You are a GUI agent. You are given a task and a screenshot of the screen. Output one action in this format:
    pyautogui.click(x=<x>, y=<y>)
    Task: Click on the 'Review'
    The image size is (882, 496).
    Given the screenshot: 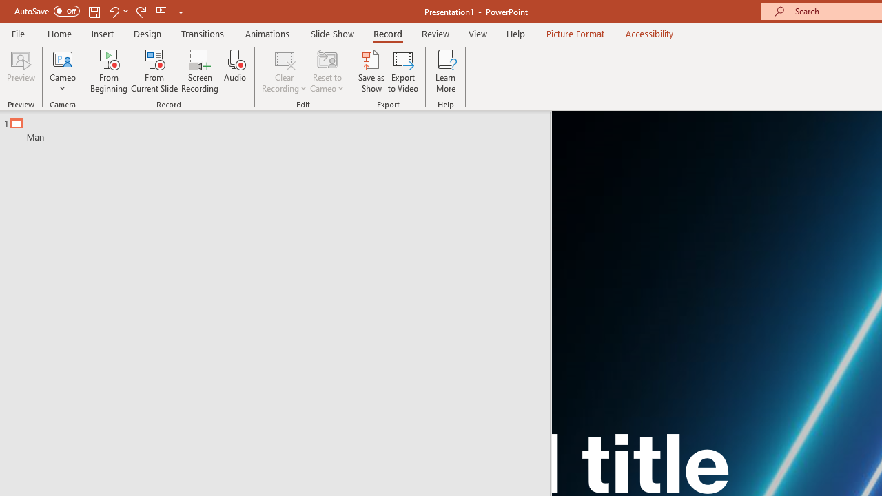 What is the action you would take?
    pyautogui.click(x=434, y=33)
    